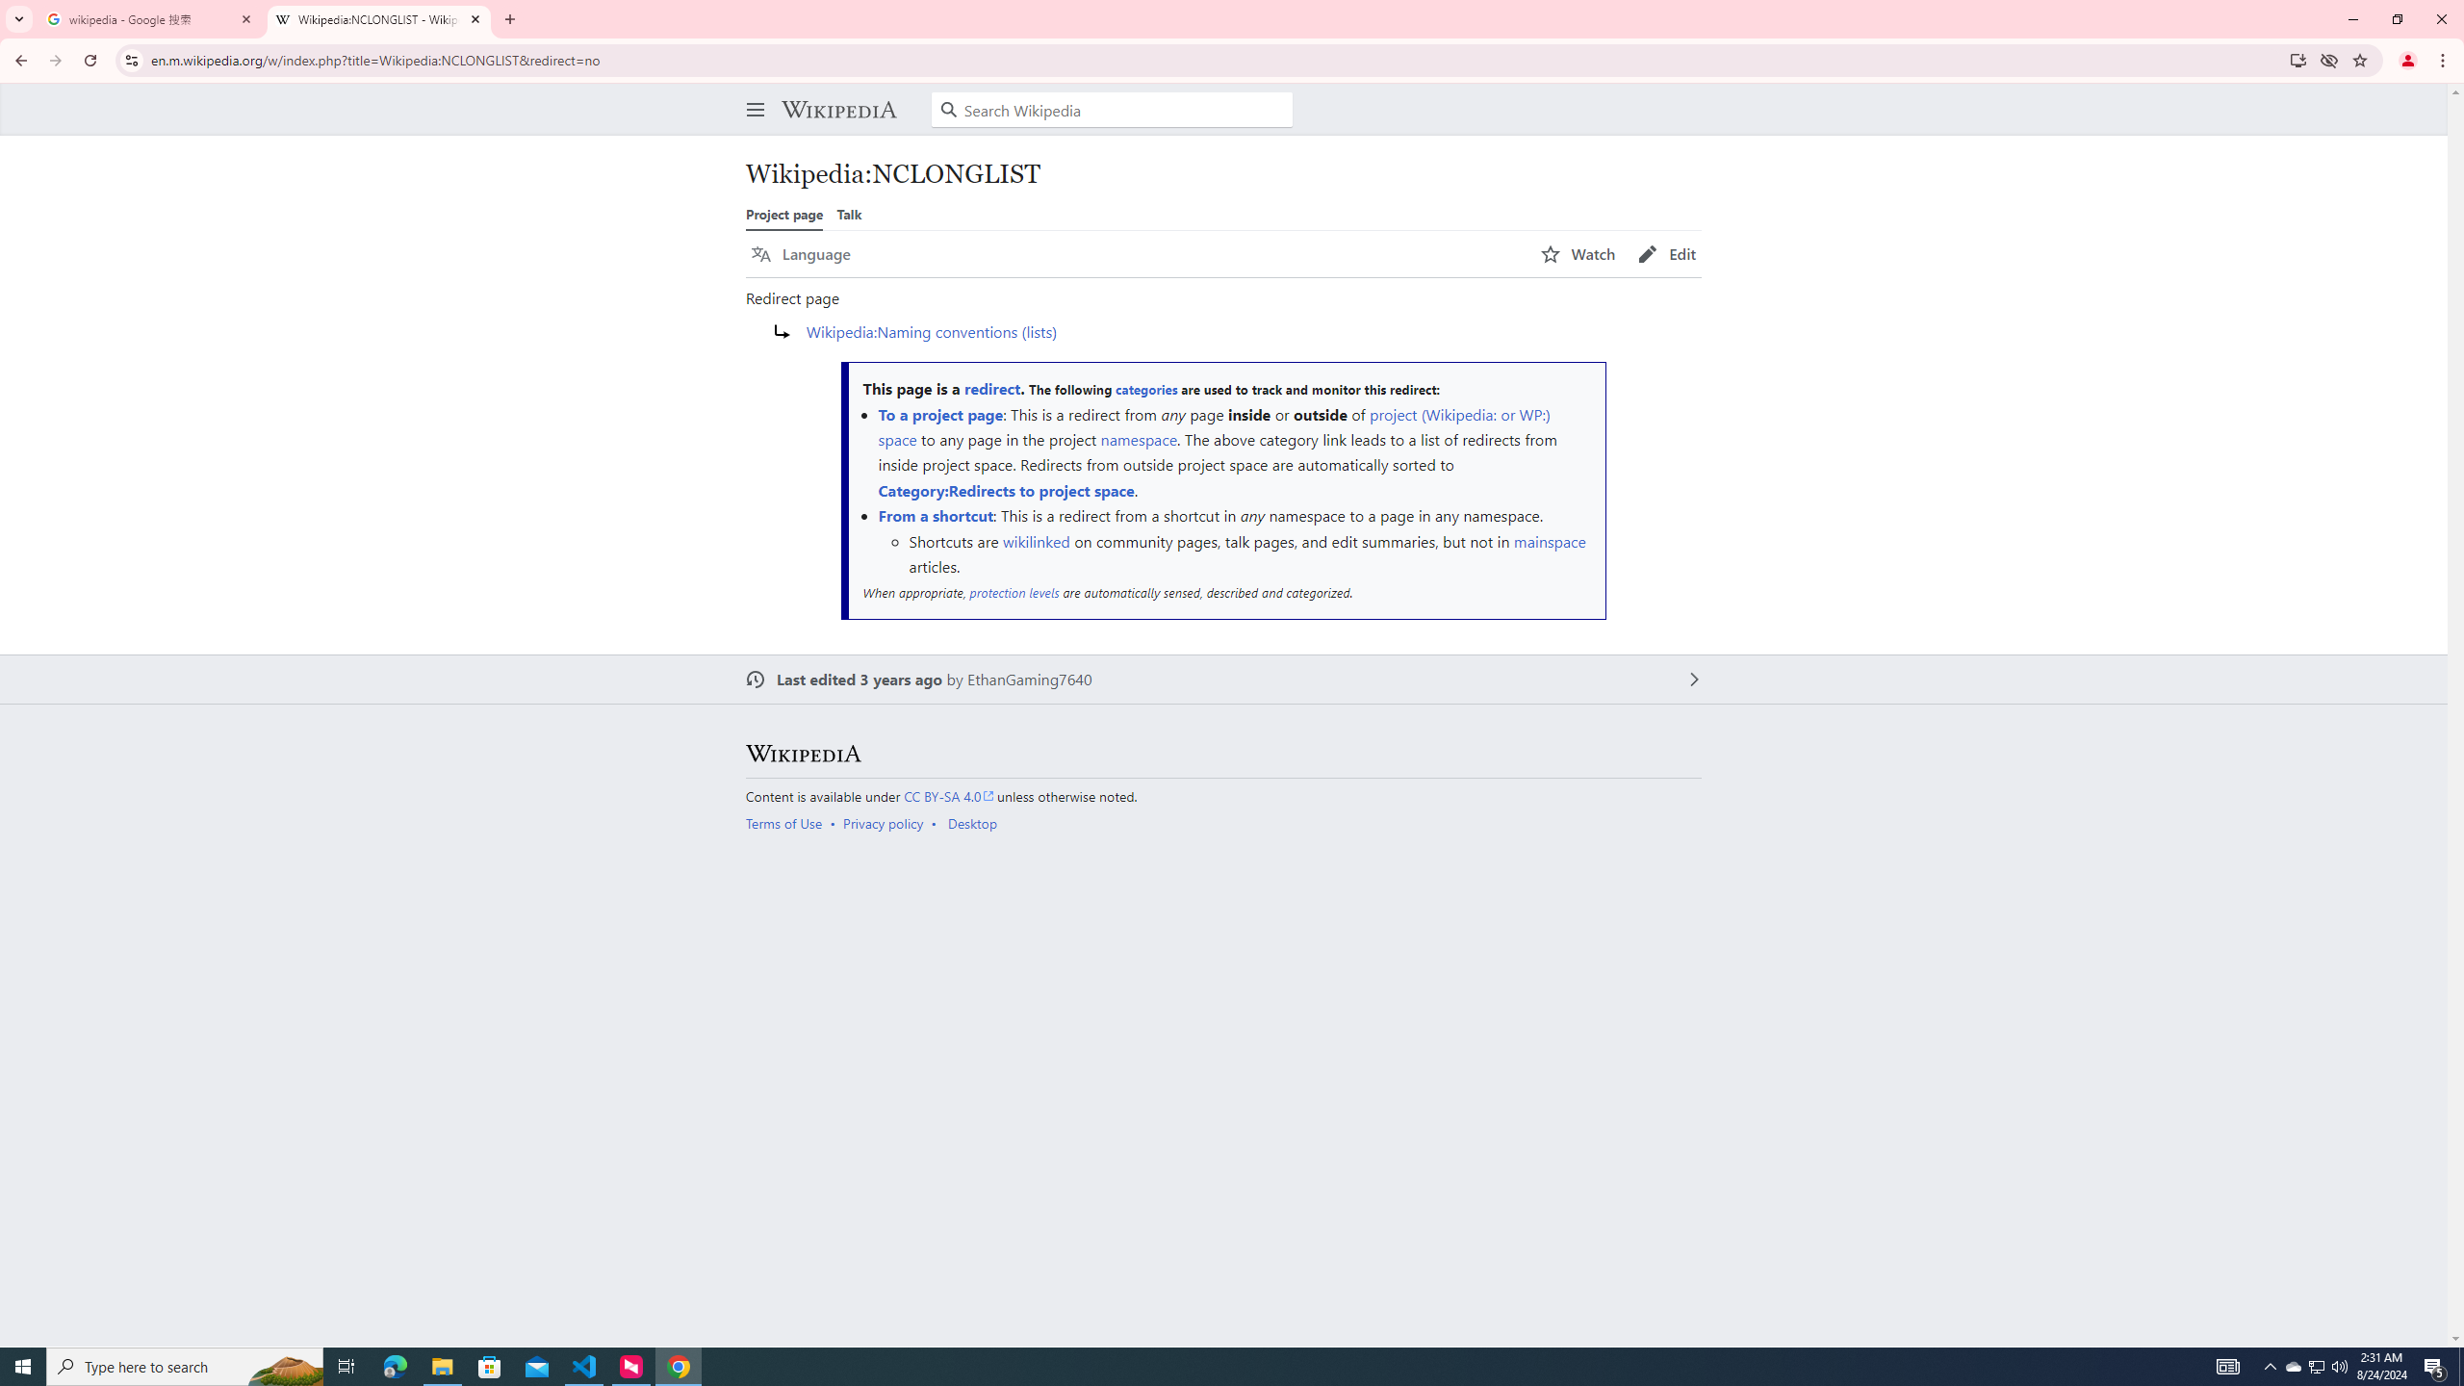 The image size is (2464, 1386). I want to click on 'Desktop', so click(970, 823).